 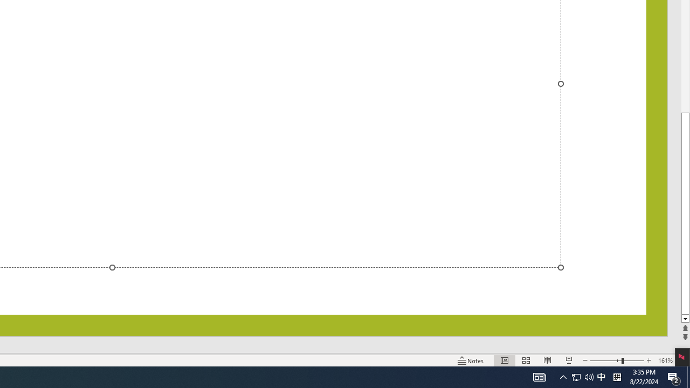 What do you see at coordinates (539, 376) in the screenshot?
I see `'AutomationID: 4105'` at bounding box center [539, 376].